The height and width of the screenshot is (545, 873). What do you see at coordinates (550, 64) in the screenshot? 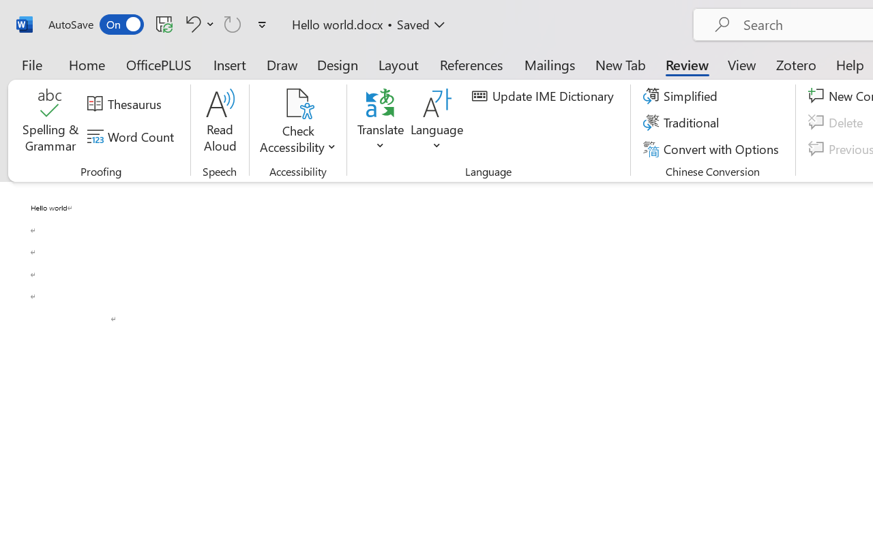
I see `'Mailings'` at bounding box center [550, 64].